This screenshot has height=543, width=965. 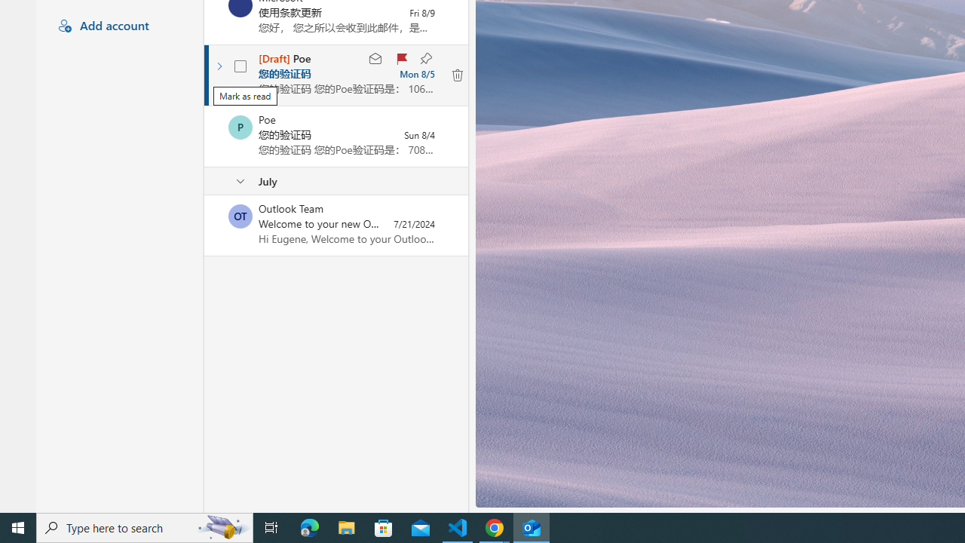 What do you see at coordinates (400, 58) in the screenshot?
I see `'Unflag this message'` at bounding box center [400, 58].